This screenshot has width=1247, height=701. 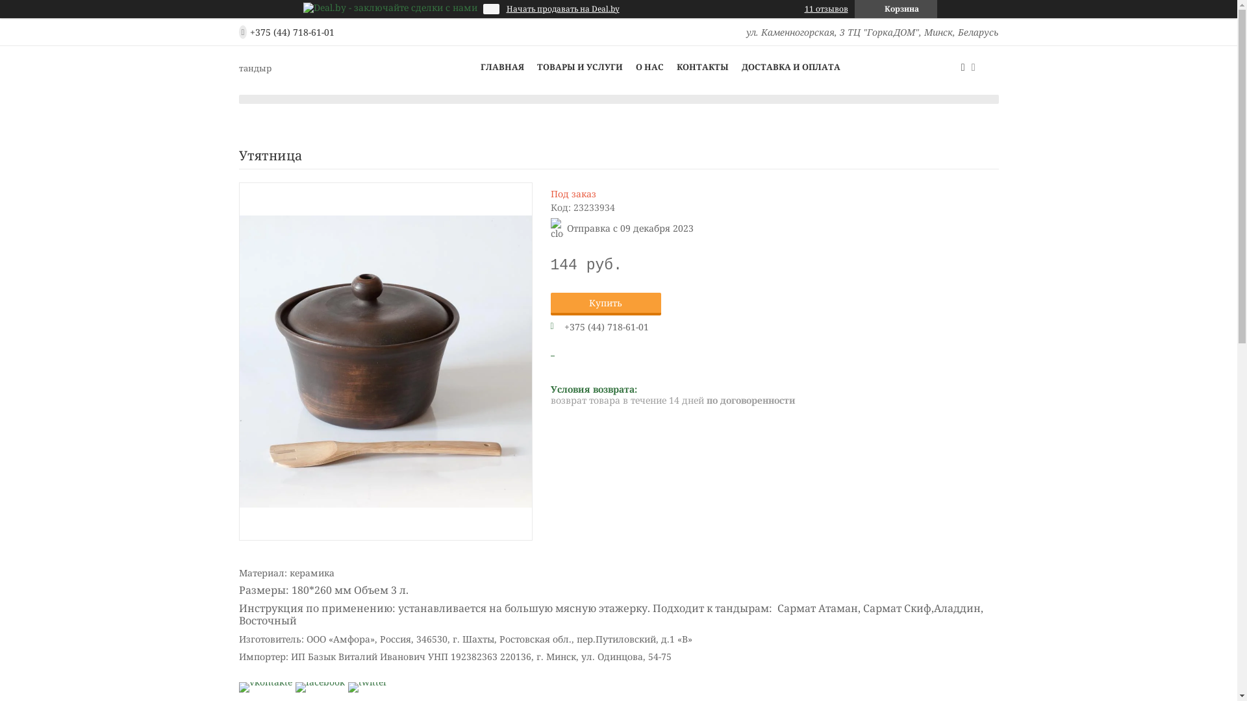 I want to click on 'facebook', so click(x=319, y=681).